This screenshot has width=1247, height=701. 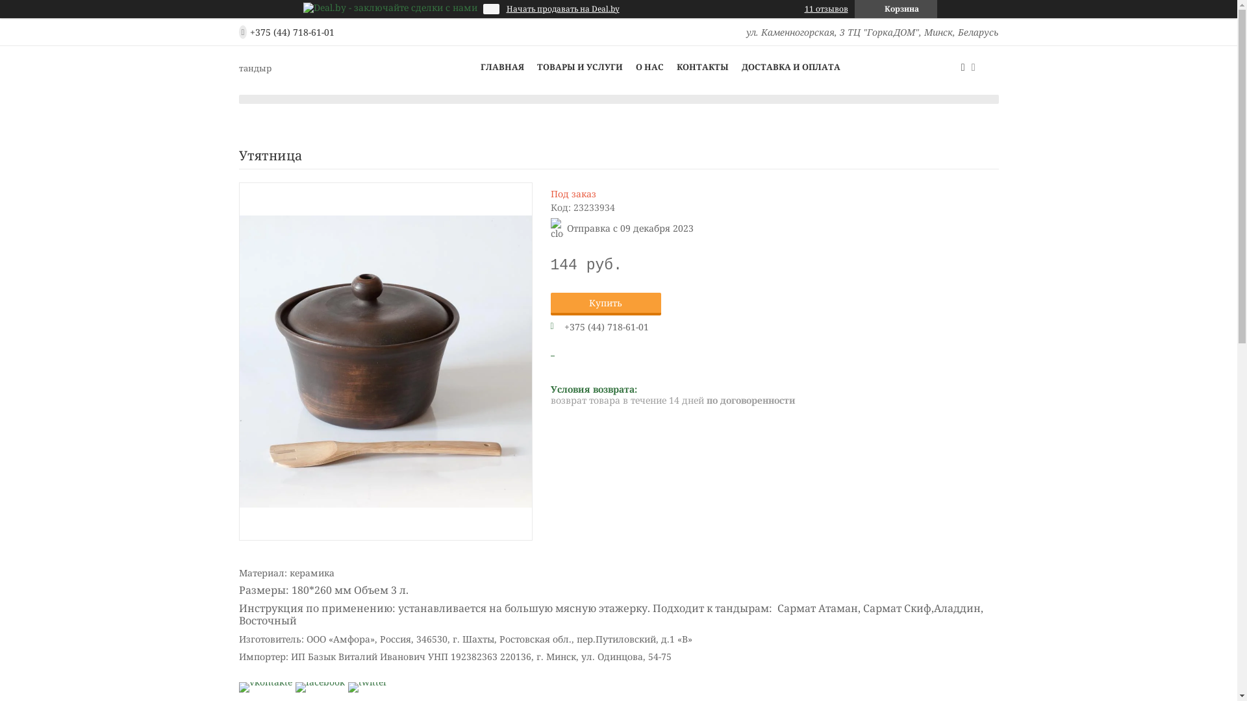 I want to click on 'facebook', so click(x=319, y=681).